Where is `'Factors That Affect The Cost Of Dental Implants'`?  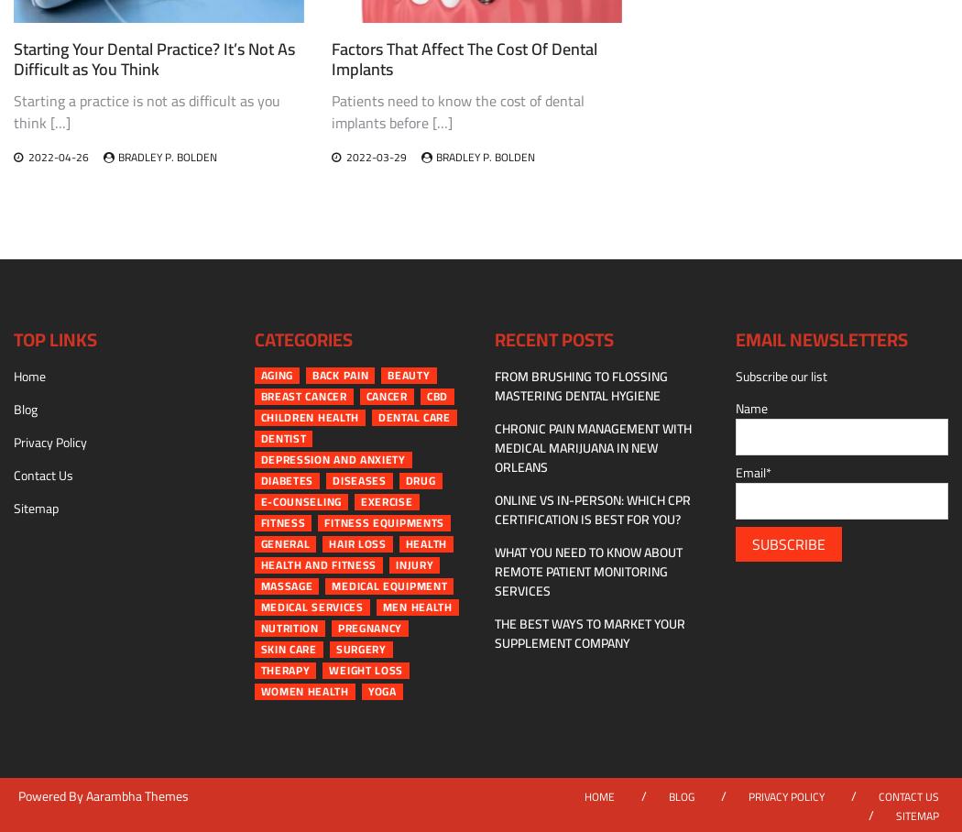
'Factors That Affect The Cost Of Dental Implants' is located at coordinates (329, 59).